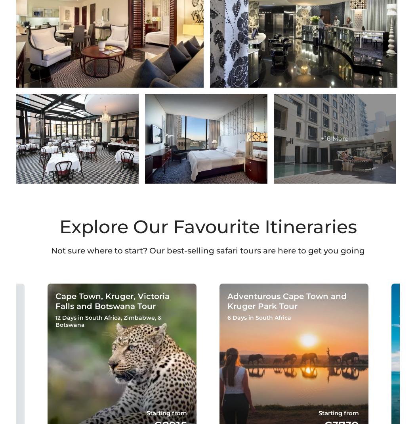 Image resolution: width=416 pixels, height=424 pixels. What do you see at coordinates (159, 317) in the screenshot?
I see `'&'` at bounding box center [159, 317].